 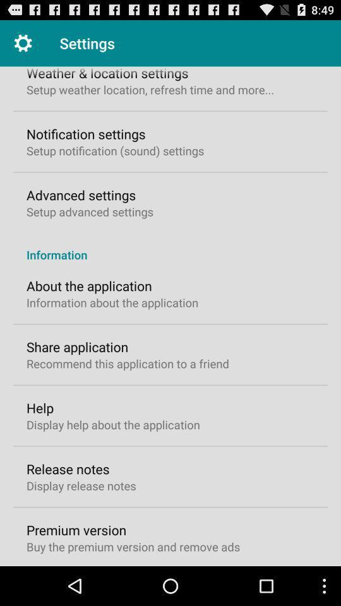 What do you see at coordinates (115, 150) in the screenshot?
I see `the setup notification sound icon` at bounding box center [115, 150].